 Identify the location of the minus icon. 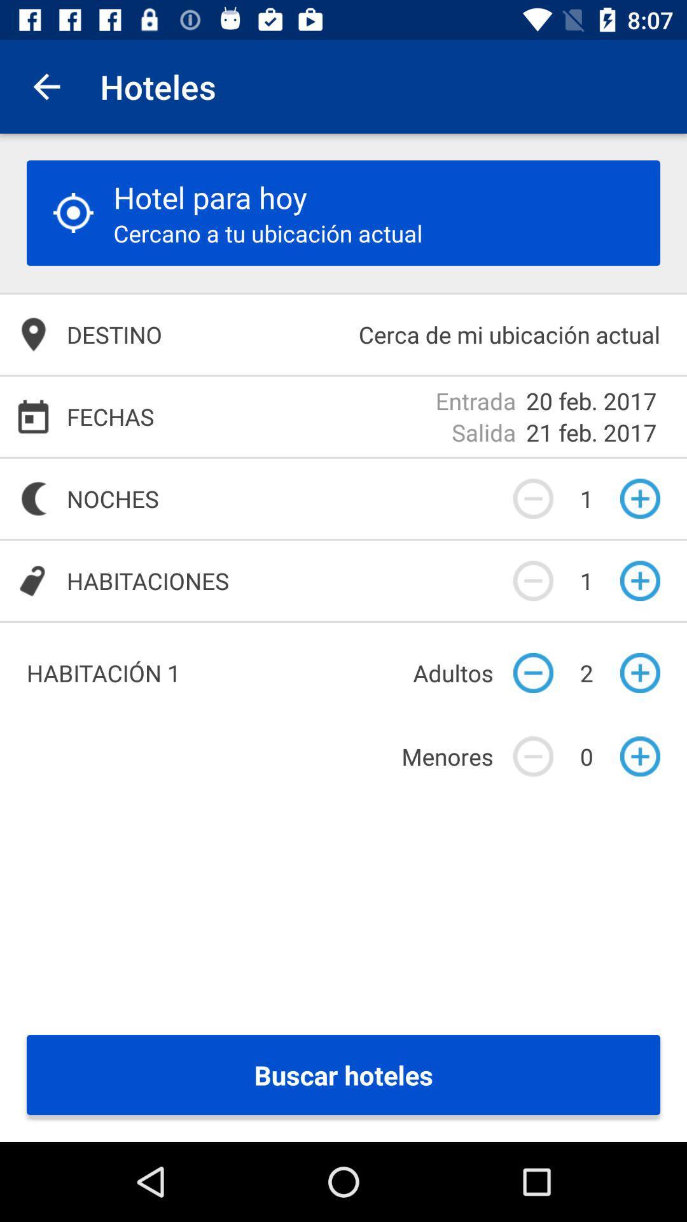
(533, 672).